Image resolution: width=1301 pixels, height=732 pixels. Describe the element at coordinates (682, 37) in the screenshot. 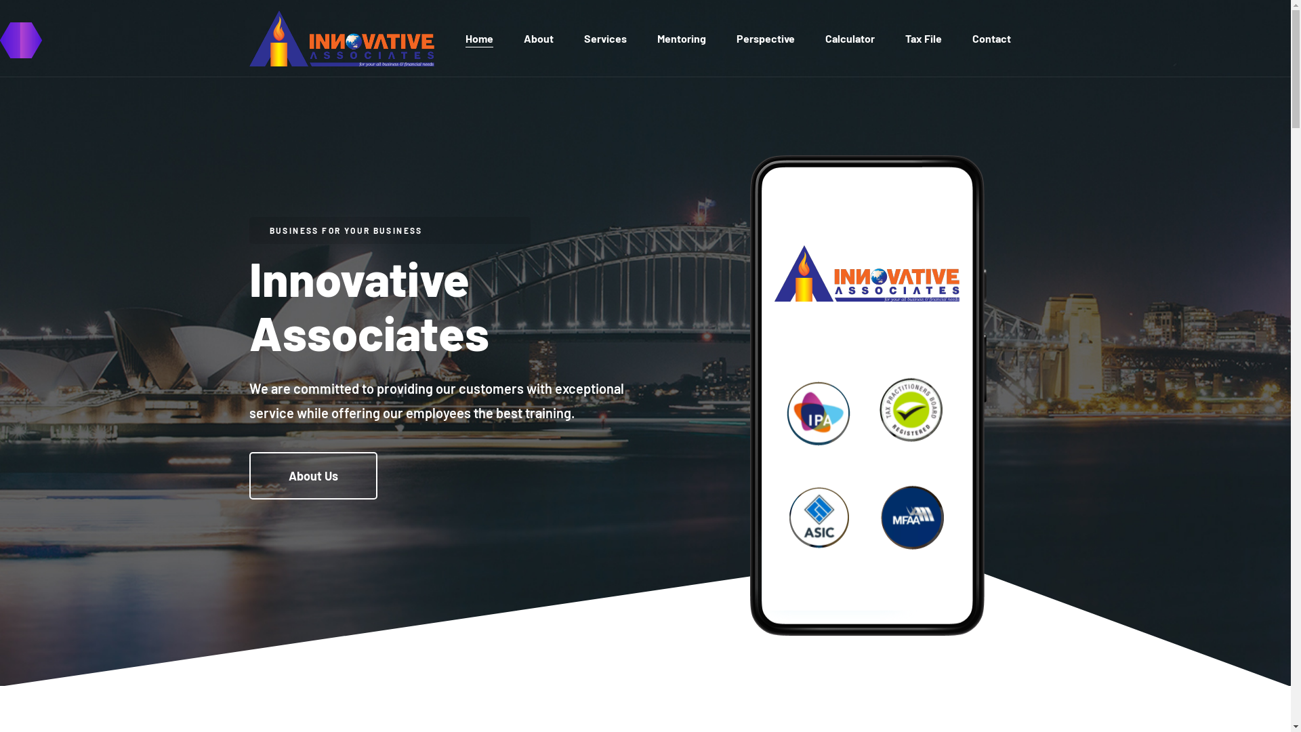

I see `'Mentoring'` at that location.